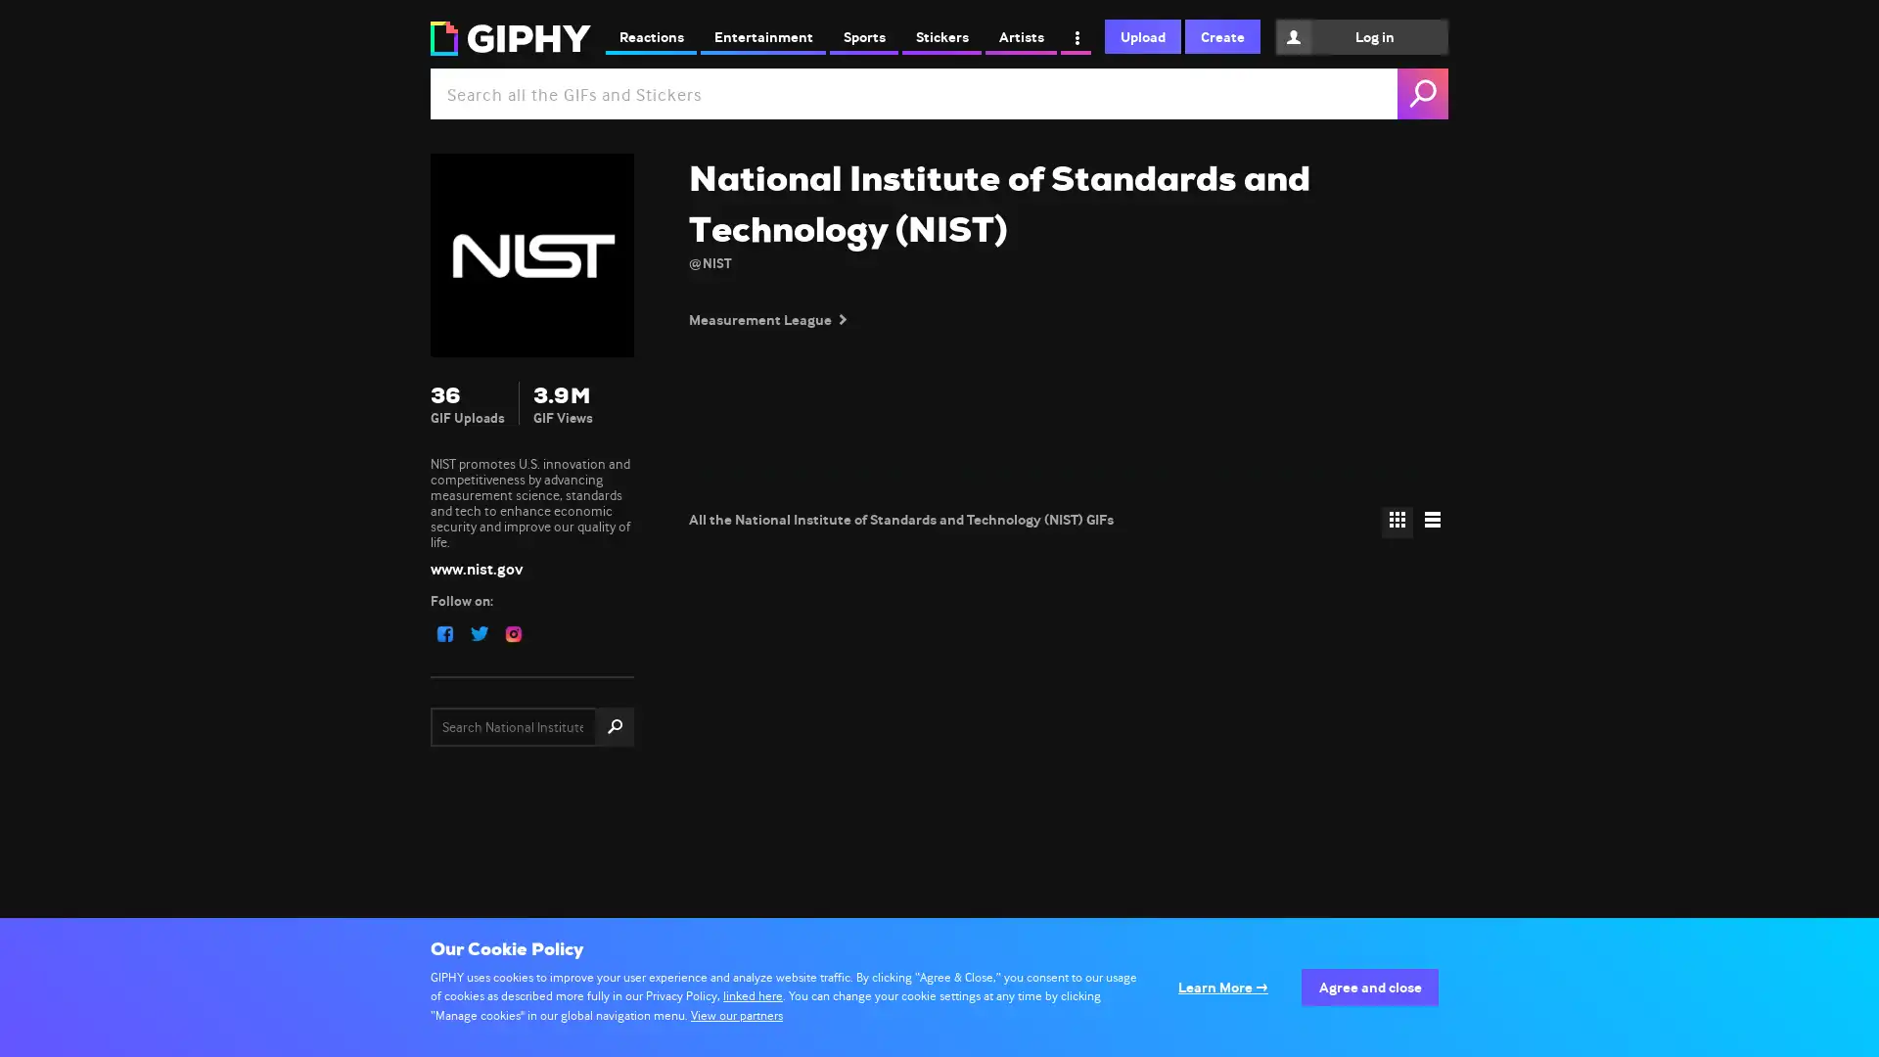 This screenshot has width=1879, height=1057. What do you see at coordinates (1221, 988) in the screenshot?
I see `Configure your consents` at bounding box center [1221, 988].